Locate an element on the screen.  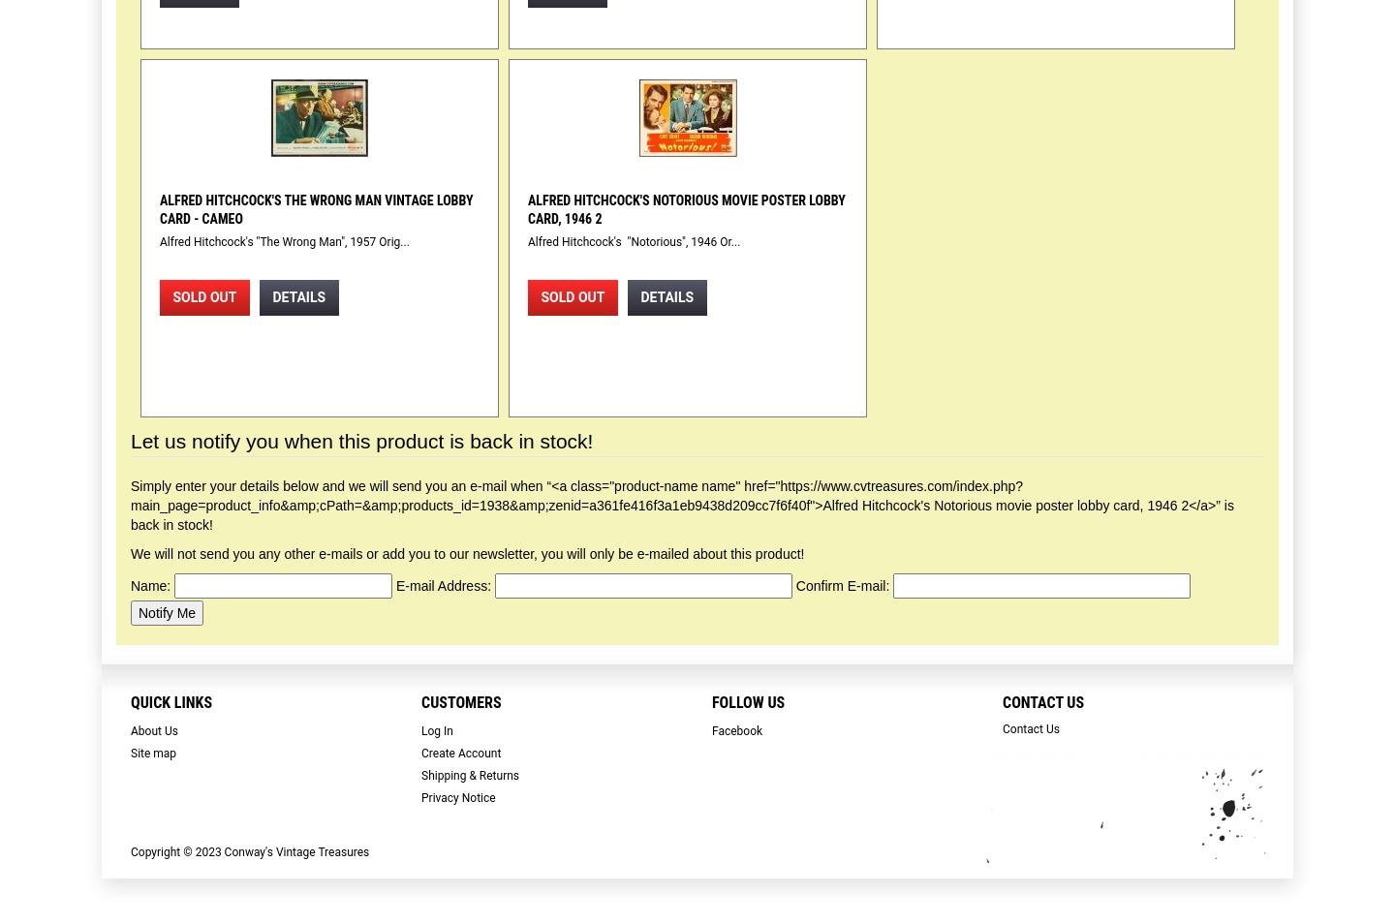
'Confirm E-mail:' is located at coordinates (841, 585).